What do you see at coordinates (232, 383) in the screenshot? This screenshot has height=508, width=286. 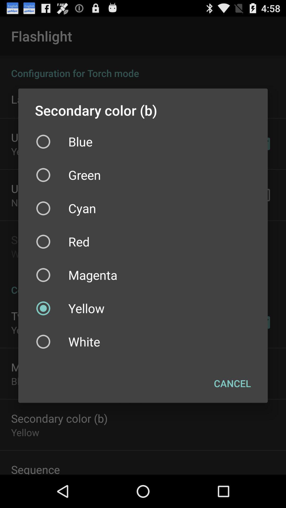 I see `item at the bottom right corner` at bounding box center [232, 383].